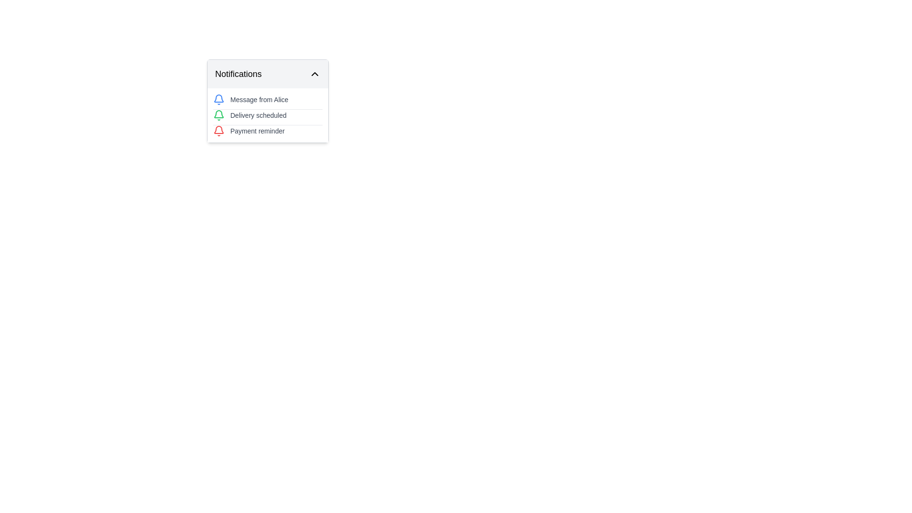 The width and height of the screenshot is (912, 513). I want to click on the informational text label that indicates the status of a scheduled delivery, which is the second notification item, so click(258, 115).